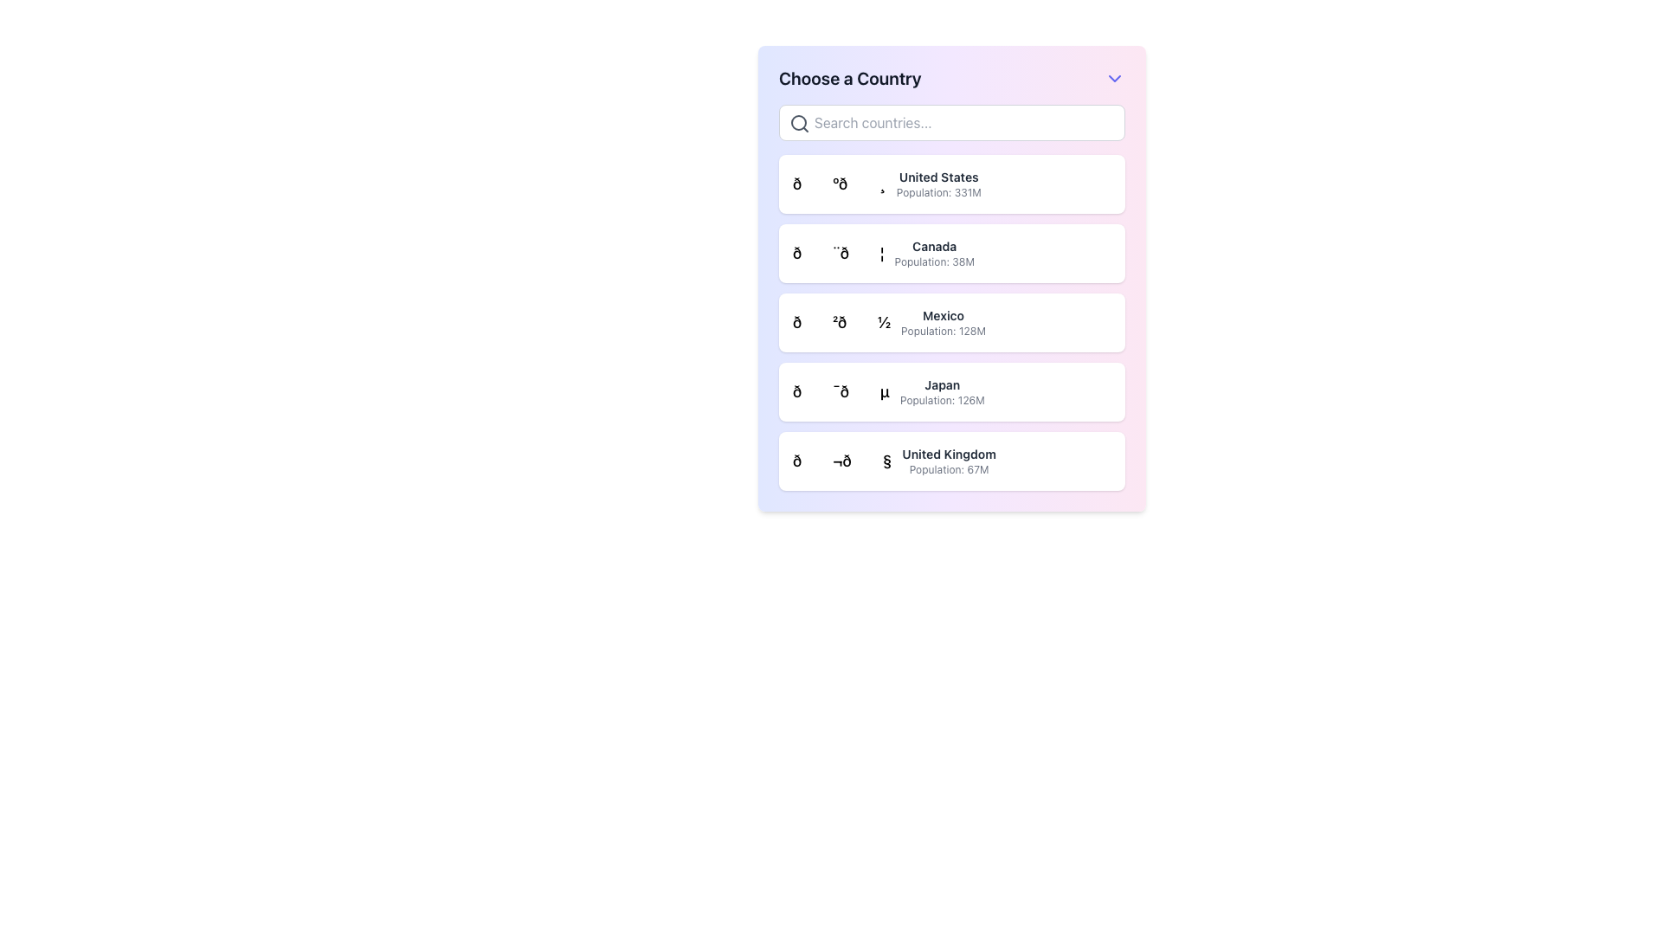 This screenshot has width=1662, height=935. What do you see at coordinates (889, 323) in the screenshot?
I see `the list item displaying information about Mexico, which is the third visible item` at bounding box center [889, 323].